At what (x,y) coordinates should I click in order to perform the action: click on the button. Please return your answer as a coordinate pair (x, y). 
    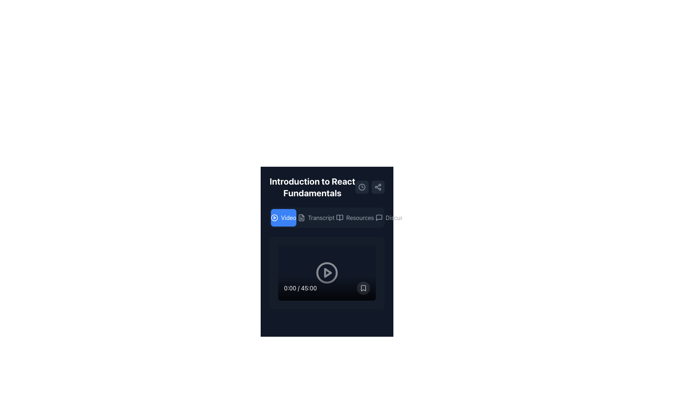
    Looking at the image, I should click on (355, 217).